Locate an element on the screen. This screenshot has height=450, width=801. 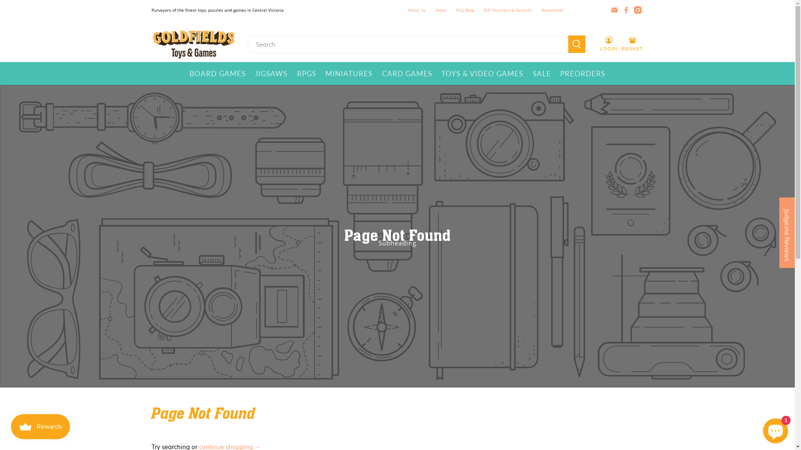
'Shopify online store chat' is located at coordinates (761, 429).